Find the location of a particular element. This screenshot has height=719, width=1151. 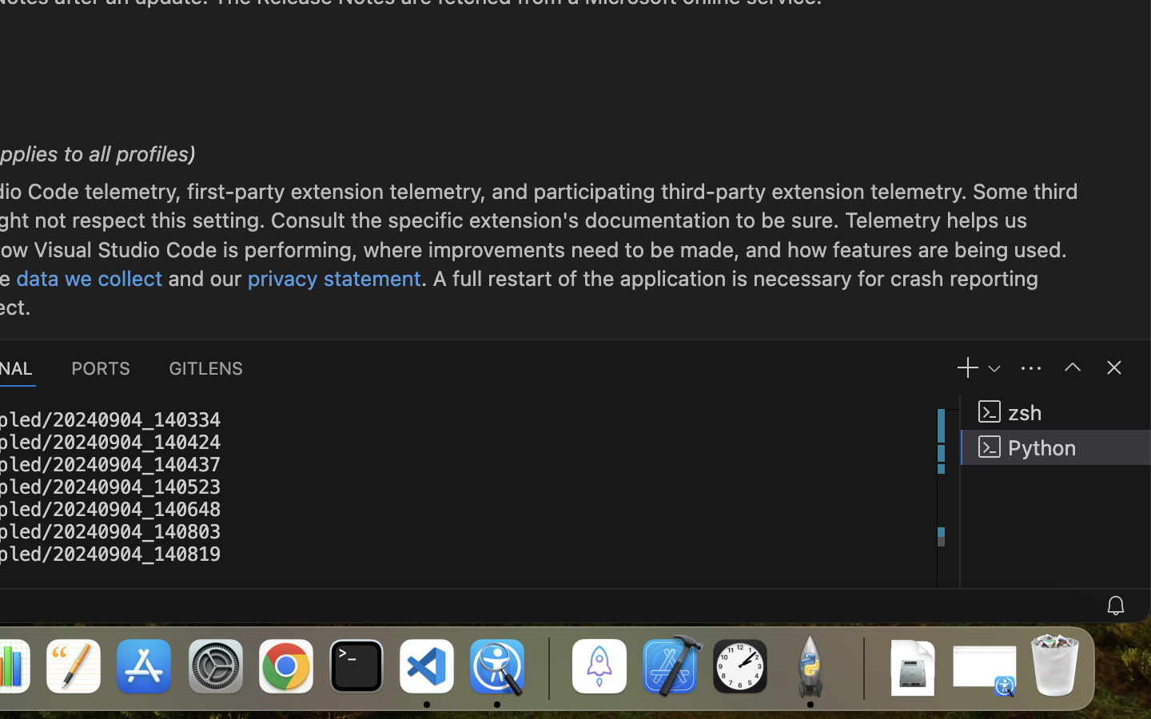

'data we collect' is located at coordinates (90, 278).